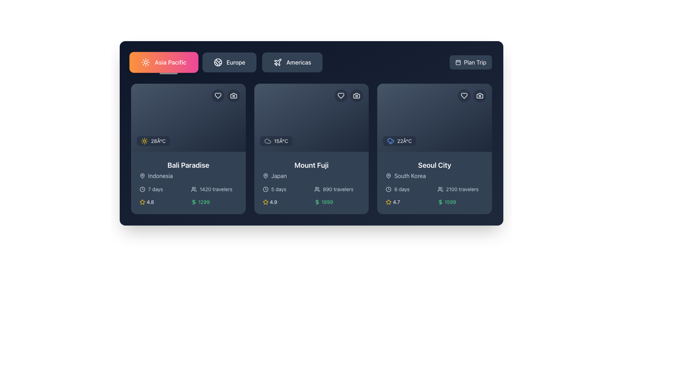  What do you see at coordinates (188, 170) in the screenshot?
I see `text from the first information block about a specific travel destination, located below the 'Asia Pacific' tab in the leftmost column of the grid layout` at bounding box center [188, 170].